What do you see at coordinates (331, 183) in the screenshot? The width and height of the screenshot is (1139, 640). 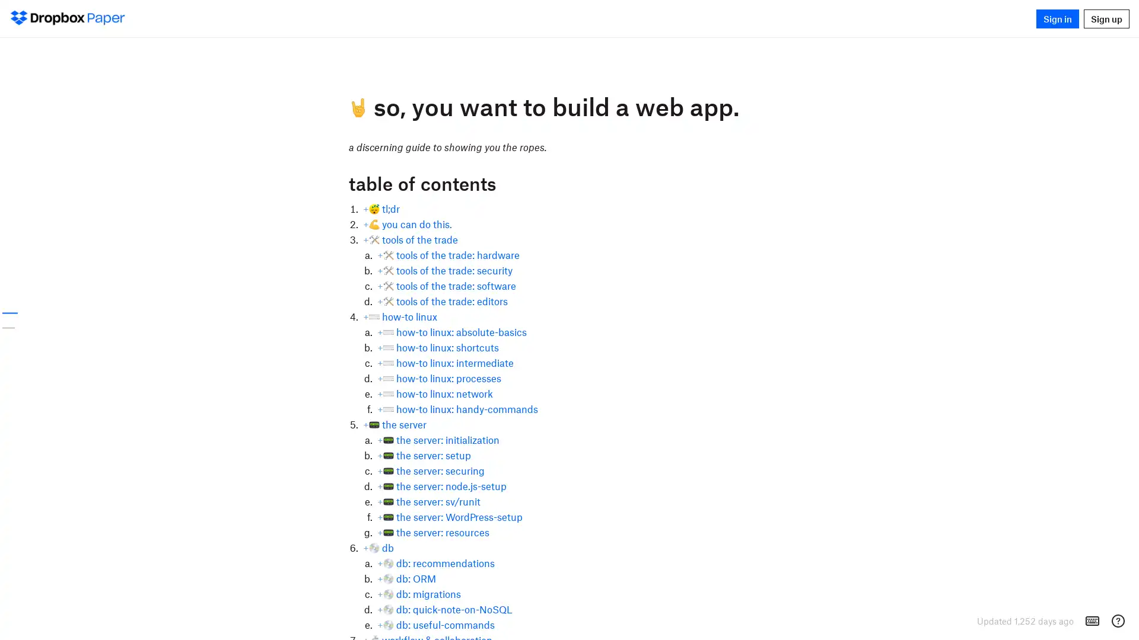 I see `Copy Paper doc link` at bounding box center [331, 183].